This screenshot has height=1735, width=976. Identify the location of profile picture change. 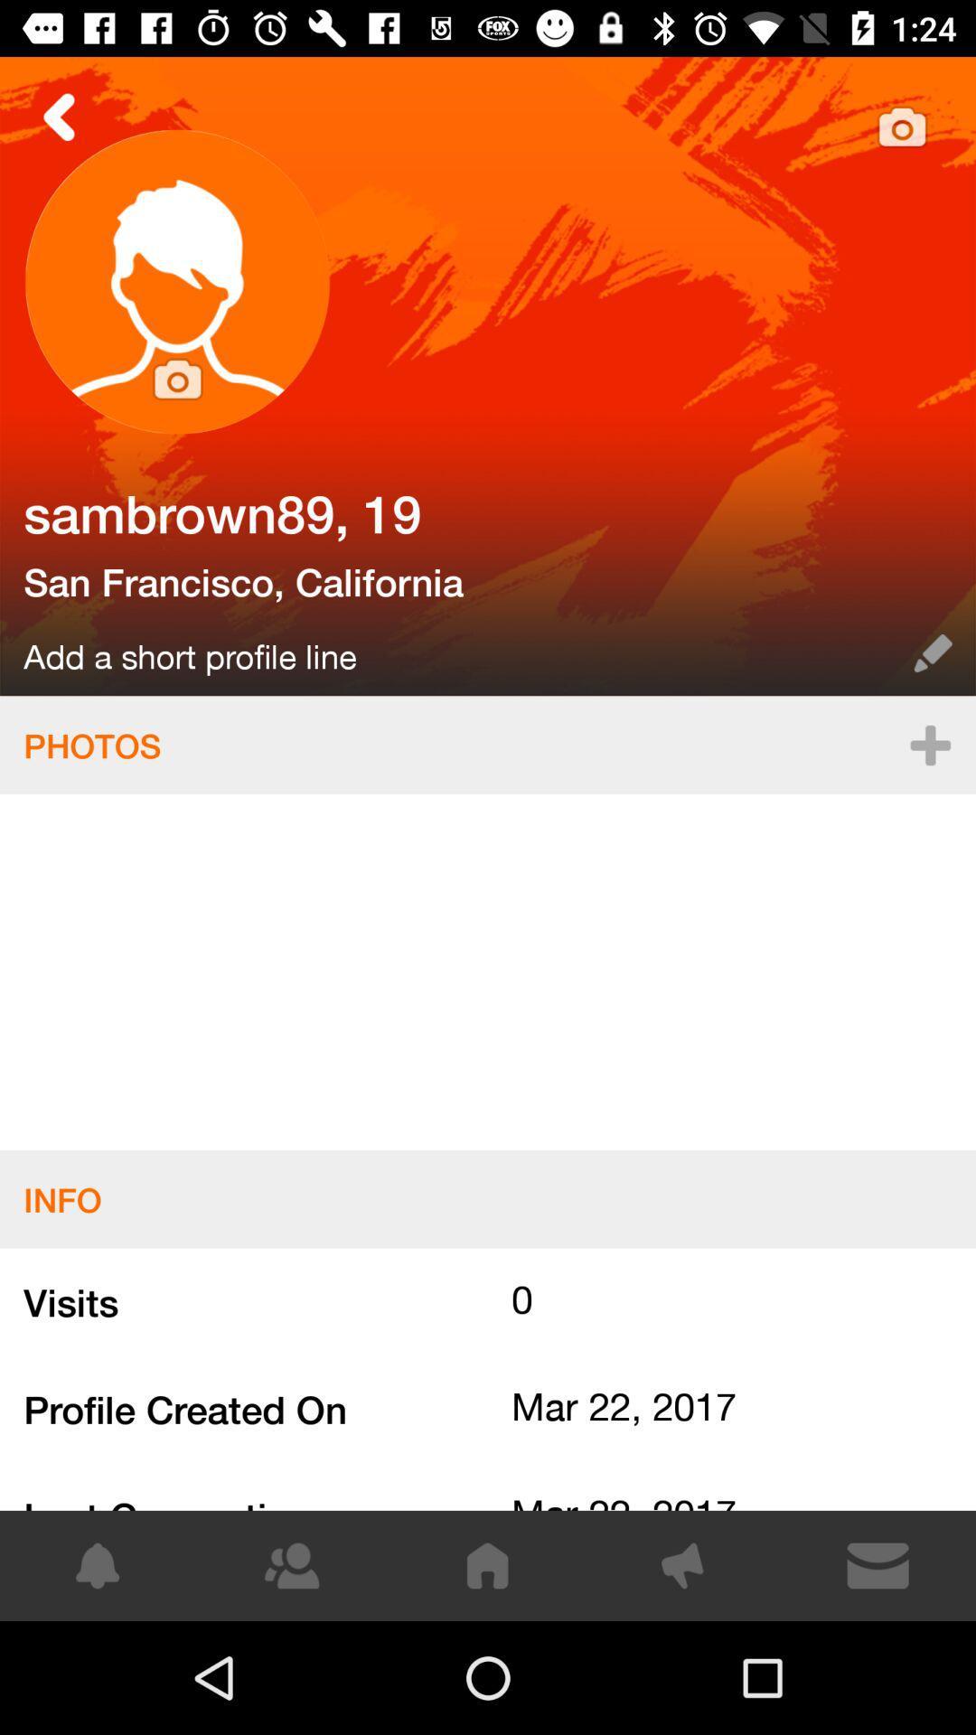
(177, 281).